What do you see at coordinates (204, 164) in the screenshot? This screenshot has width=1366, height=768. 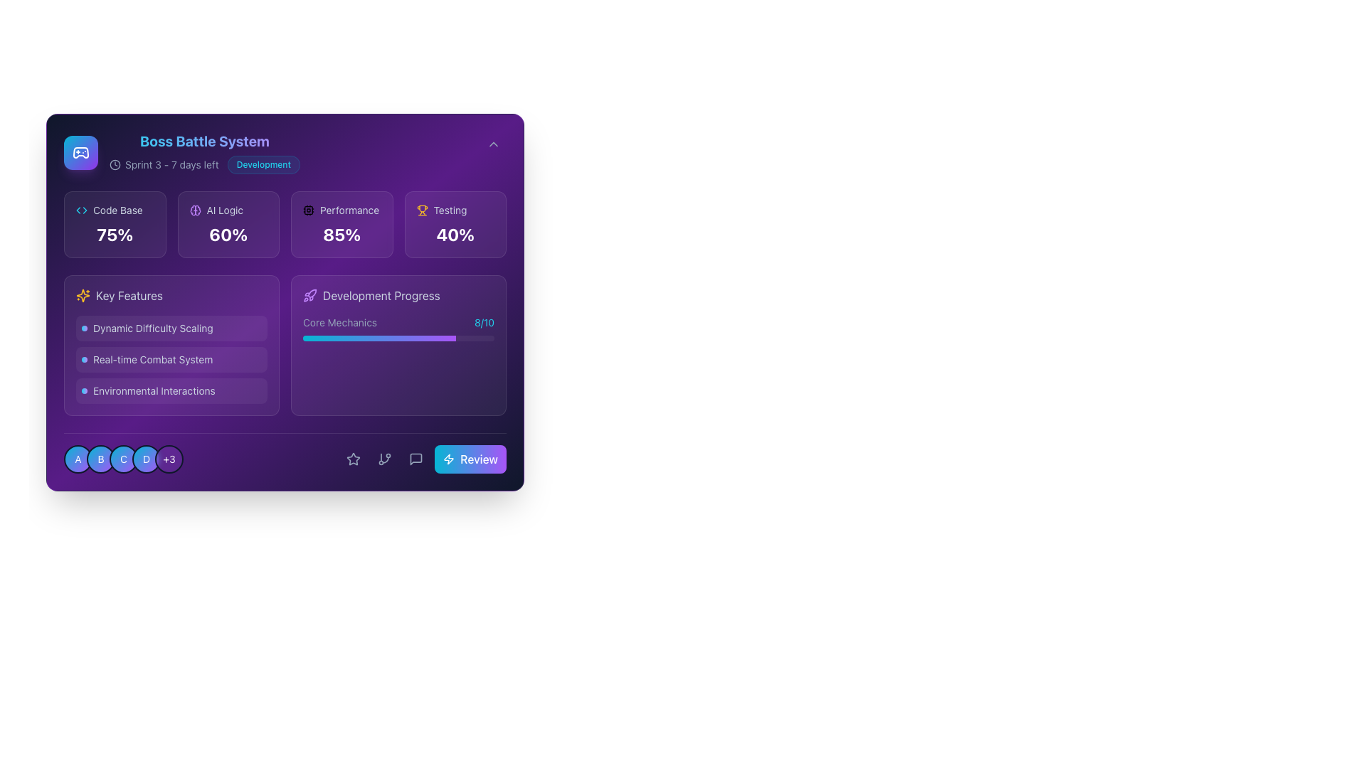 I see `the informational text indicating 'Sprint 3 - 7 days left' and the 'Development' badge for updates` at bounding box center [204, 164].